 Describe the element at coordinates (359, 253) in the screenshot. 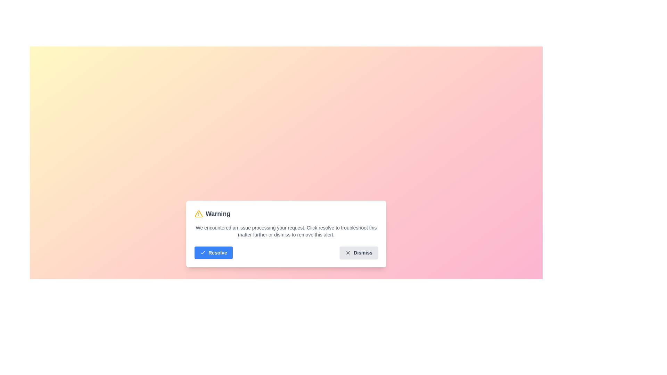

I see `the dismiss button located in the lower right corner of the notification box to observe the hover effect` at that location.